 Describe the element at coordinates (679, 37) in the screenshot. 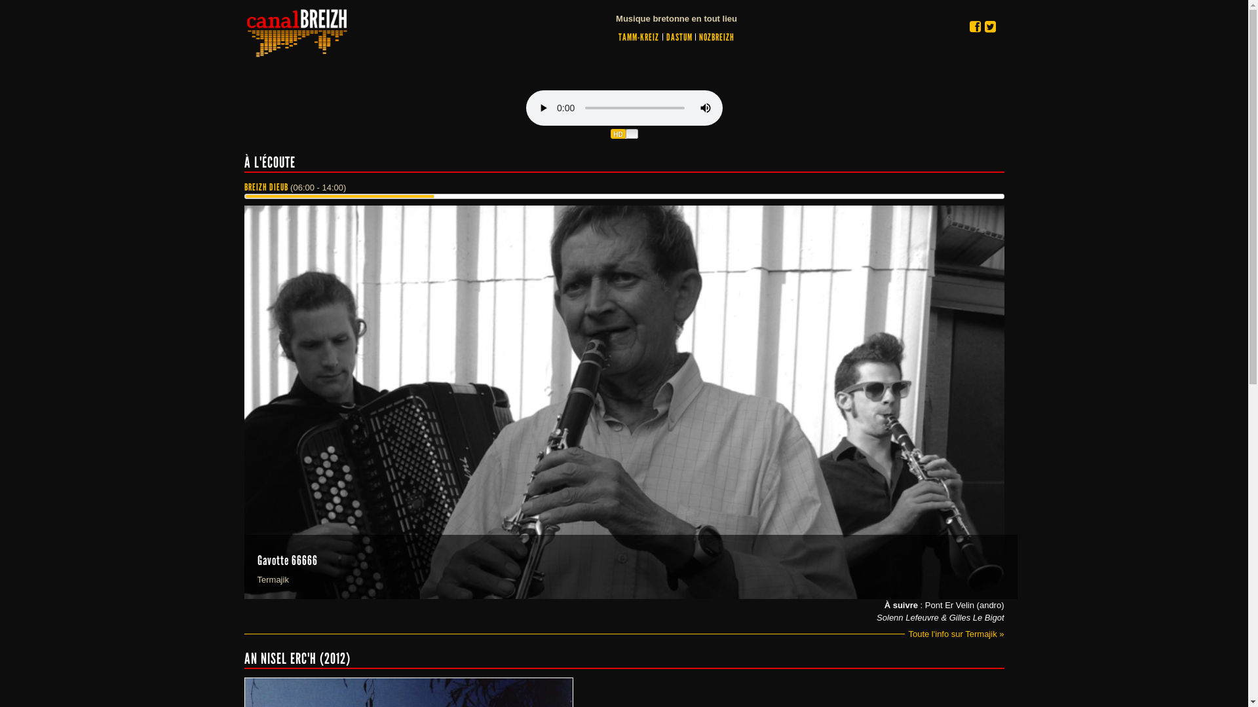

I see `'DASTUM'` at that location.